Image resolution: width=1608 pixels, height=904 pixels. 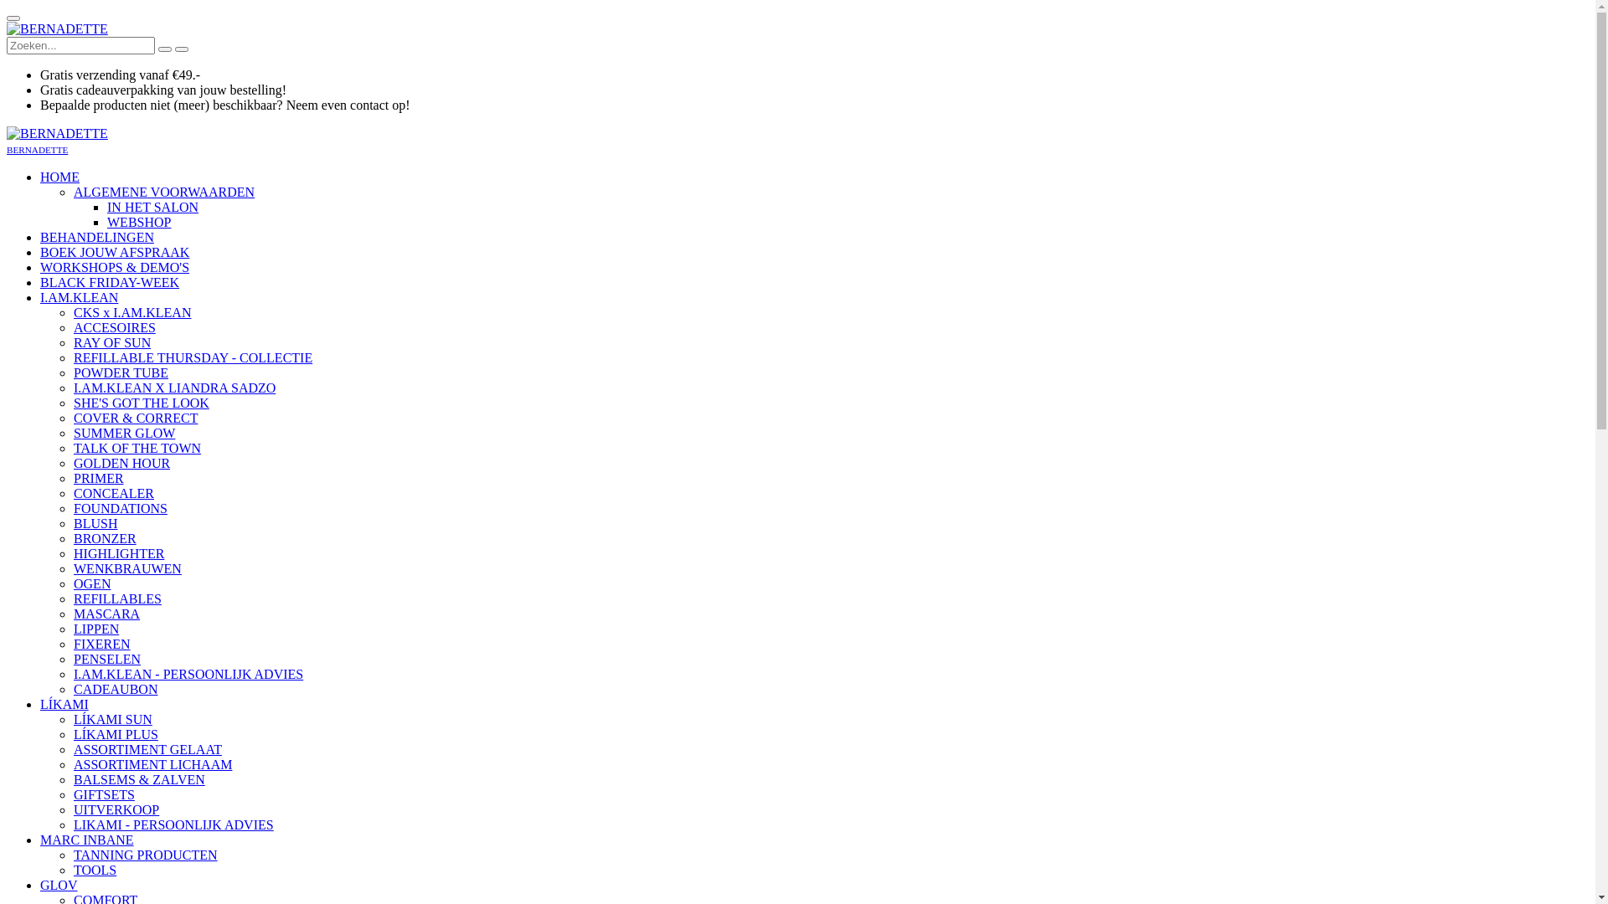 What do you see at coordinates (174, 388) in the screenshot?
I see `'I.AM.KLEAN X LIANDRA SADZO'` at bounding box center [174, 388].